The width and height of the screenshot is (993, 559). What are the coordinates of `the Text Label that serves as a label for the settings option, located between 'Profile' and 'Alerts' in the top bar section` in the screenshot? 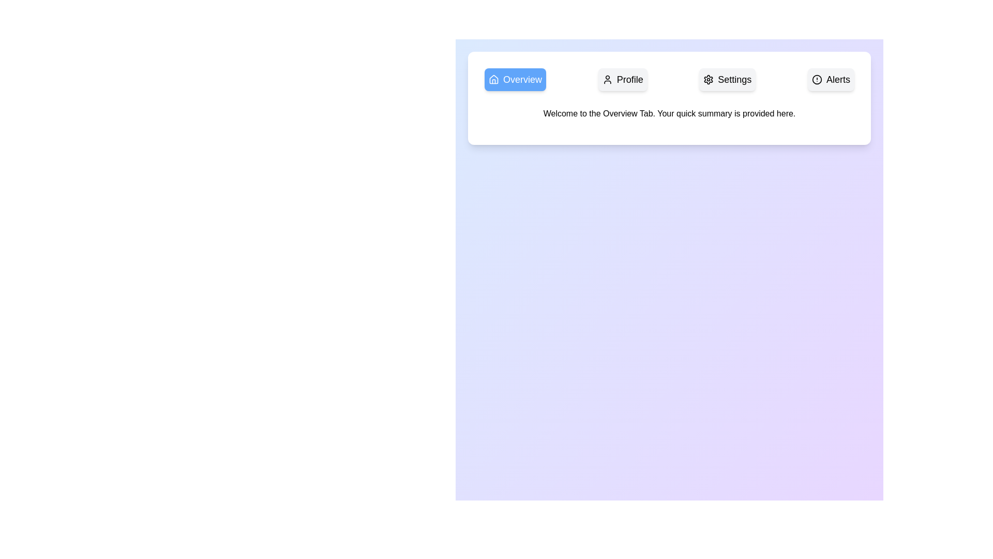 It's located at (734, 79).